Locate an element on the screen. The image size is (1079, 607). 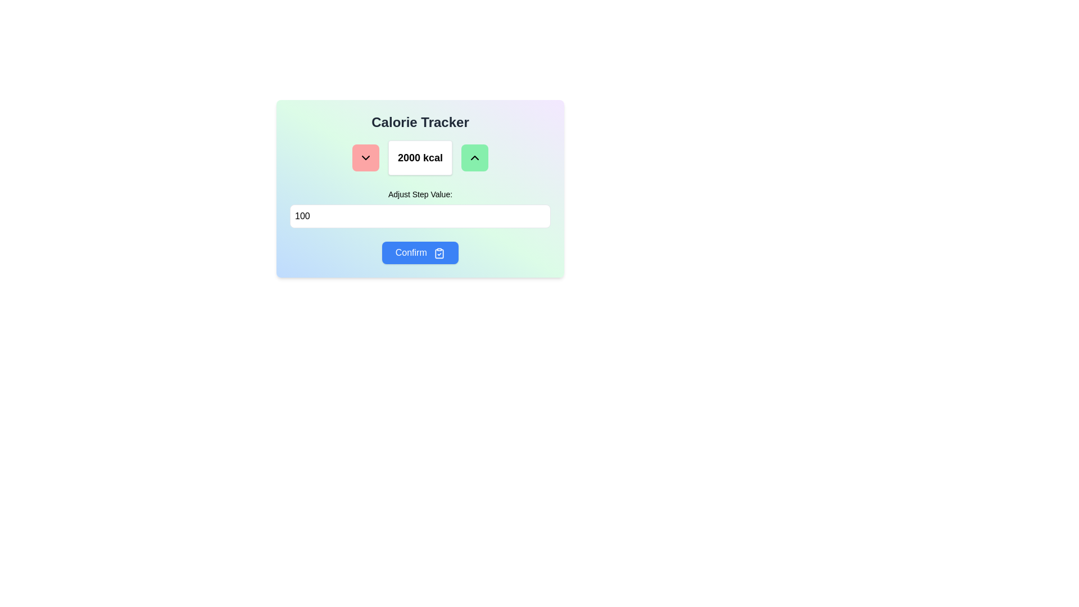
the downward action icon within the red rounded button to decrement the calorie count value is located at coordinates (365, 158).